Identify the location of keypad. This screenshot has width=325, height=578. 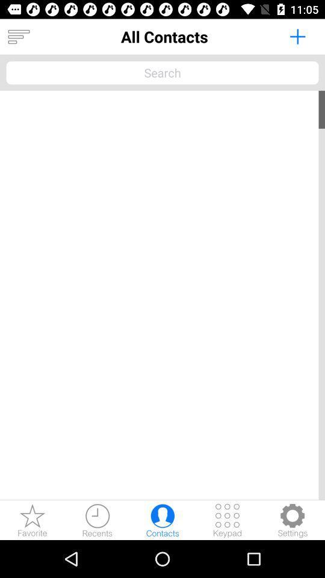
(227, 520).